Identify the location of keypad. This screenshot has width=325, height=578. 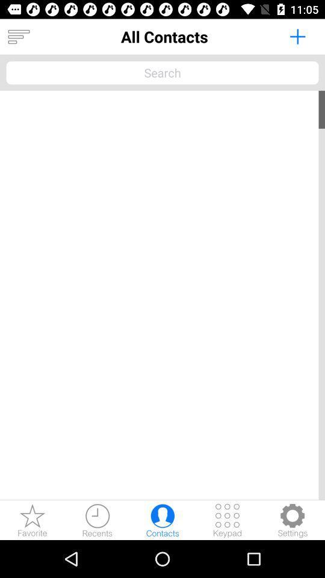
(227, 520).